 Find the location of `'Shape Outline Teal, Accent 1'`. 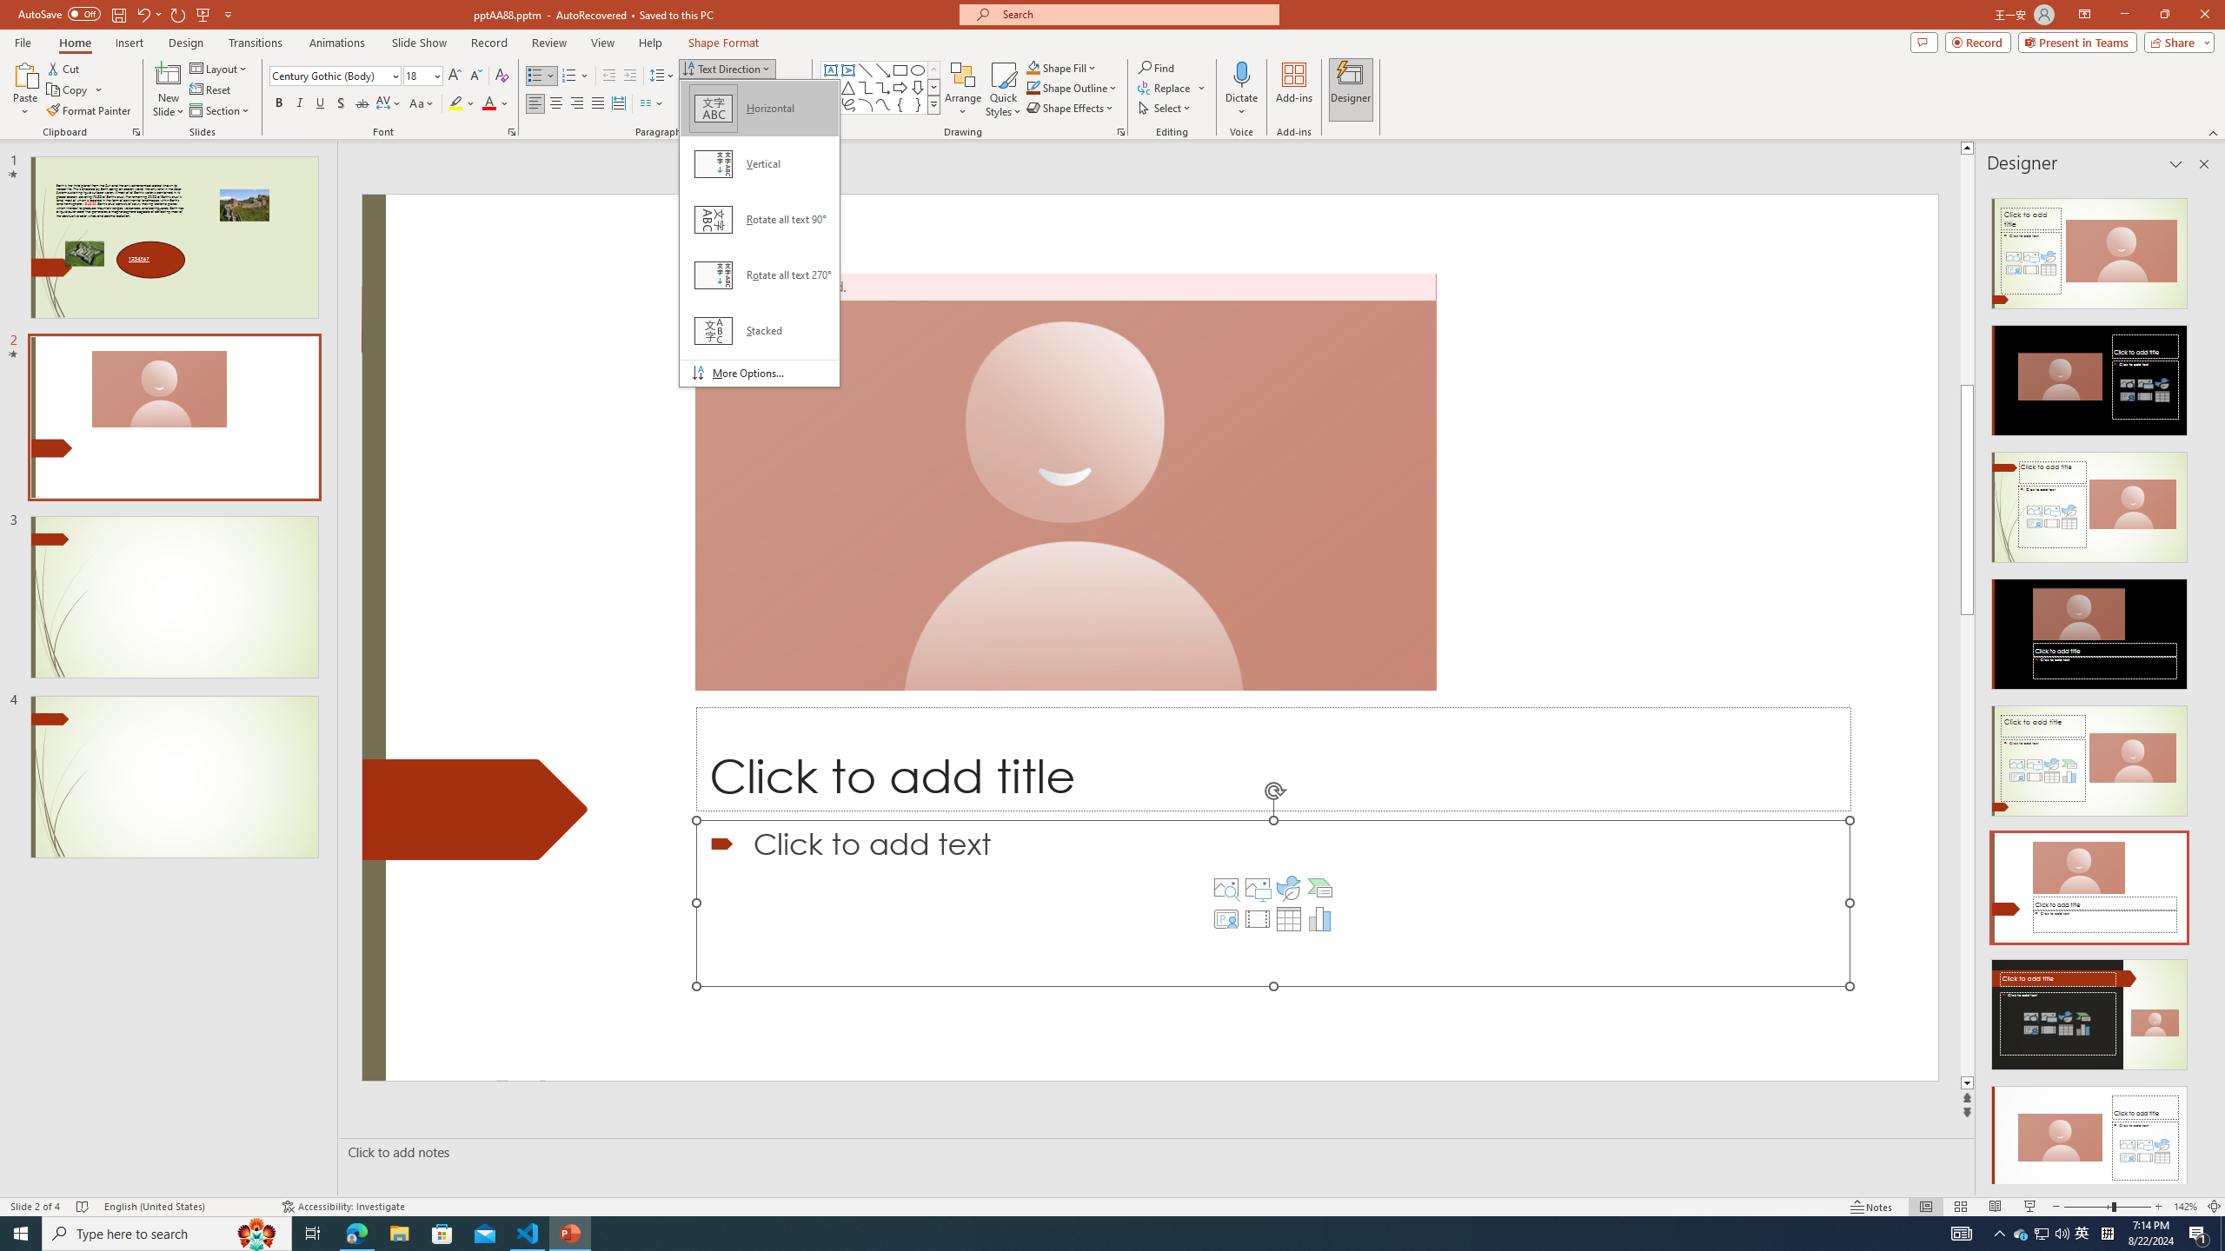

'Shape Outline Teal, Accent 1' is located at coordinates (1033, 86).